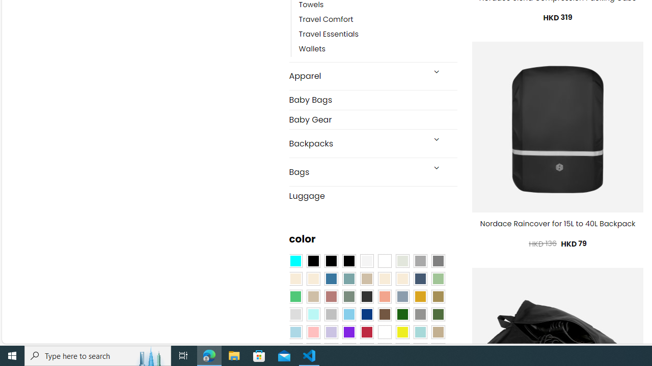 This screenshot has height=366, width=652. Describe the element at coordinates (326, 19) in the screenshot. I see `'Travel Comfort'` at that location.